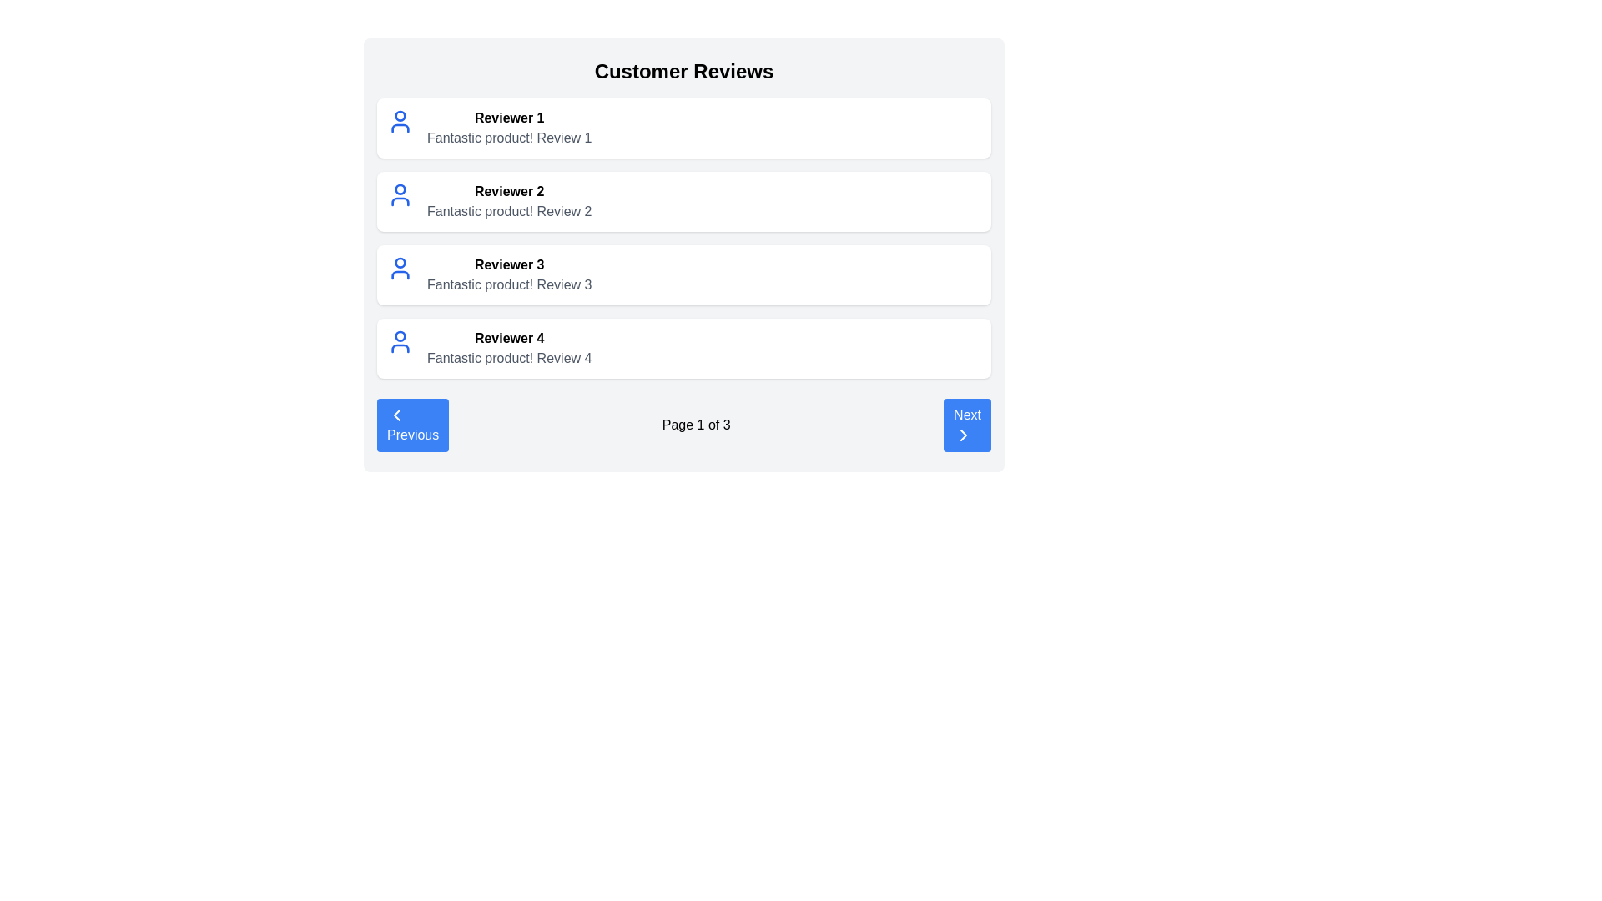  Describe the element at coordinates (400, 194) in the screenshot. I see `the user profile icon in the second review card, which is located at the left margin of the review card, preceding the text content` at that location.